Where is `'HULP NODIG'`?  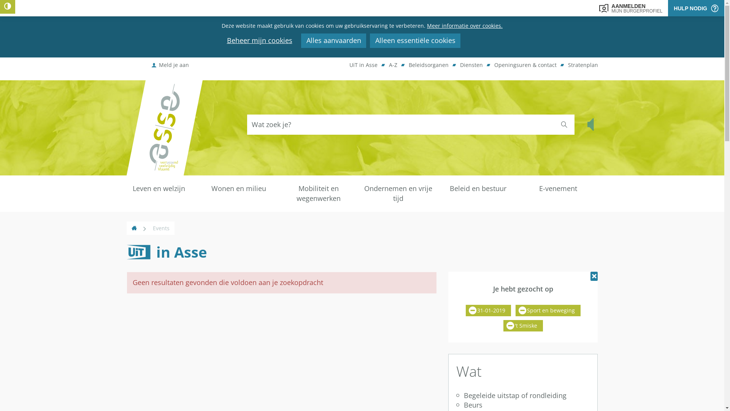 'HULP NODIG' is located at coordinates (696, 8).